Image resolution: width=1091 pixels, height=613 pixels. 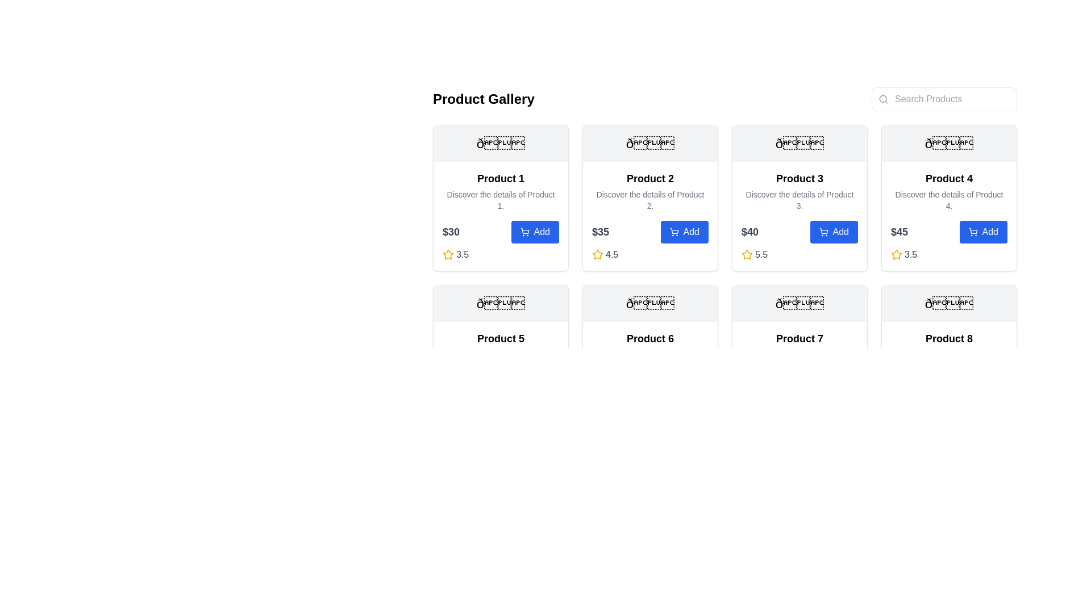 I want to click on the decorative emblem or icon located at the top center section of the card for 'Product 2', which enhances visual appeal and identifies the product, so click(x=650, y=143).